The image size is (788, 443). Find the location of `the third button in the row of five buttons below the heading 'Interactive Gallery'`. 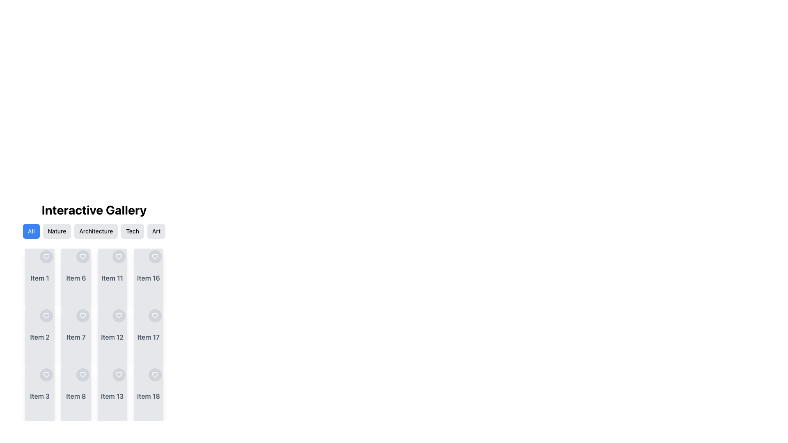

the third button in the row of five buttons below the heading 'Interactive Gallery' is located at coordinates (96, 231).